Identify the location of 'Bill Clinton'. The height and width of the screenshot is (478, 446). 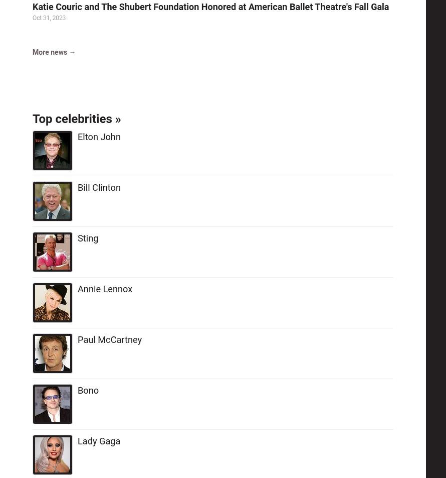
(78, 187).